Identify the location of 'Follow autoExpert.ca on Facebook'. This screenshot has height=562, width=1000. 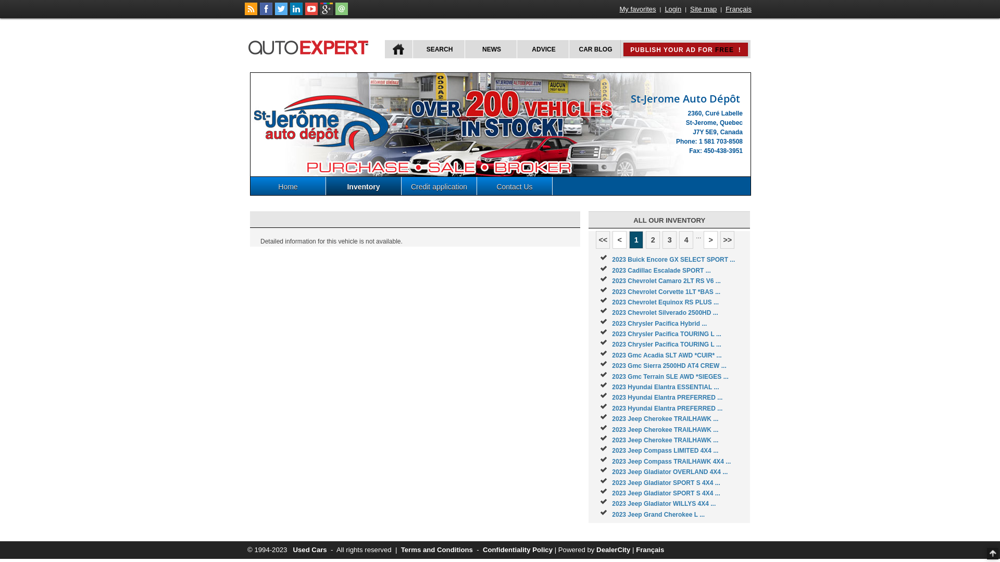
(266, 12).